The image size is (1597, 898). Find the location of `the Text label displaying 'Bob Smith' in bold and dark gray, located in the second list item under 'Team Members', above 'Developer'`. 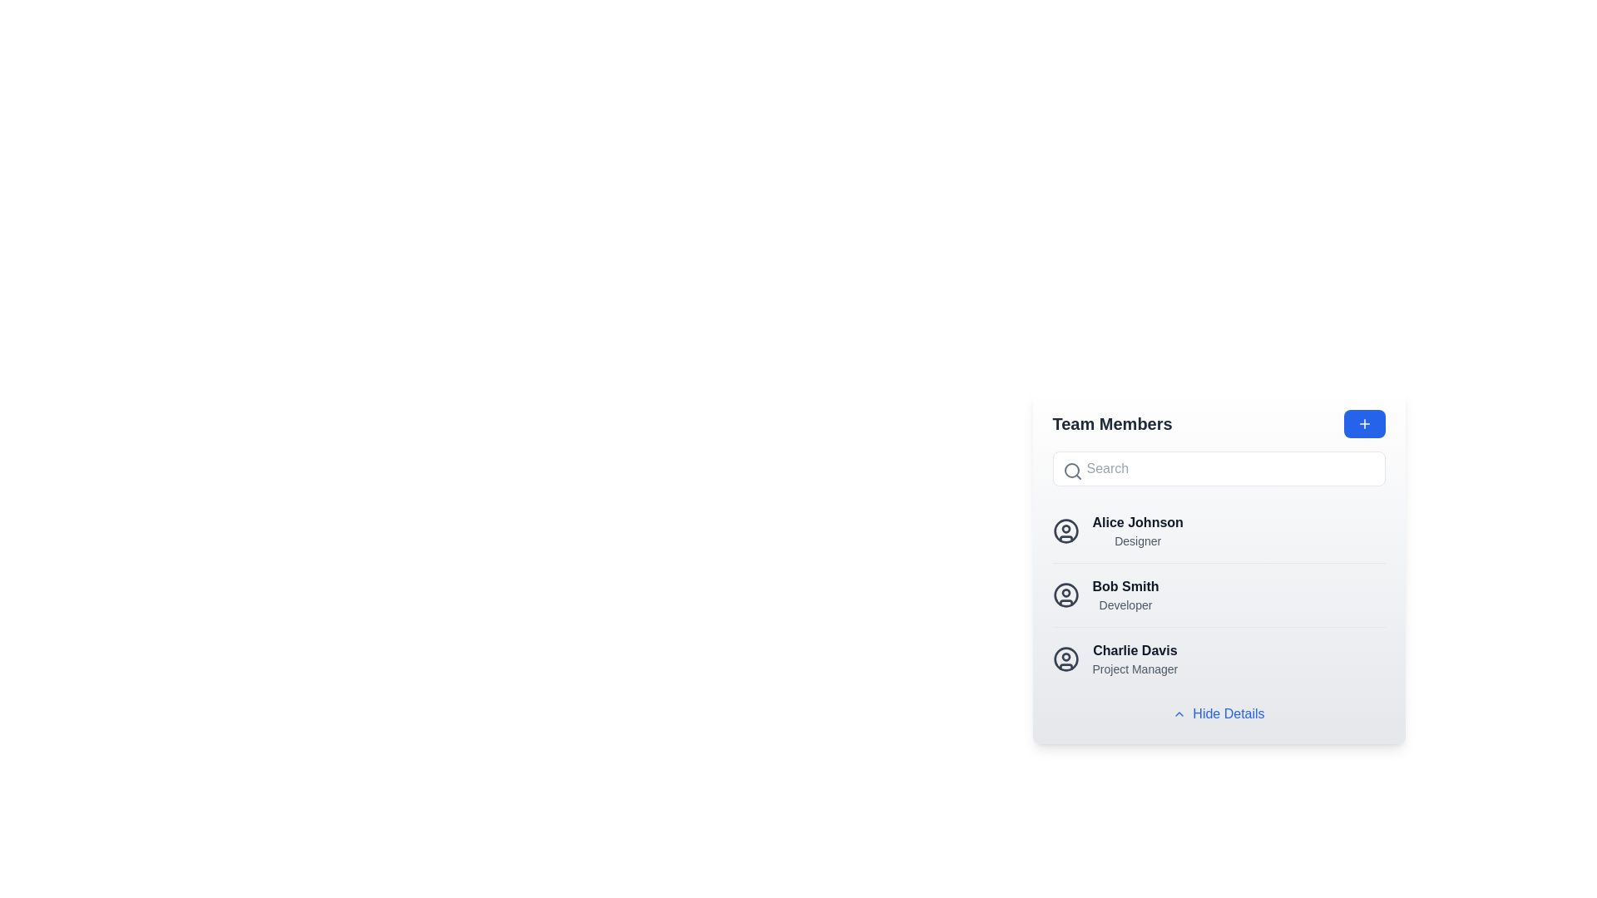

the Text label displaying 'Bob Smith' in bold and dark gray, located in the second list item under 'Team Members', above 'Developer' is located at coordinates (1125, 585).